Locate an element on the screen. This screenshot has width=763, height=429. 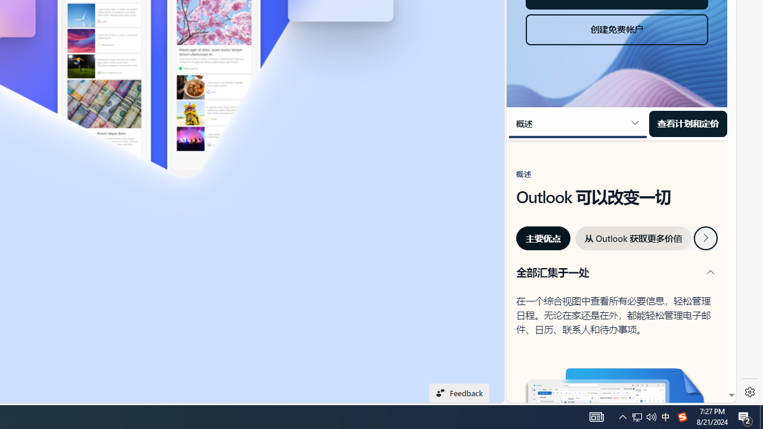
'Settings' is located at coordinates (749, 392).